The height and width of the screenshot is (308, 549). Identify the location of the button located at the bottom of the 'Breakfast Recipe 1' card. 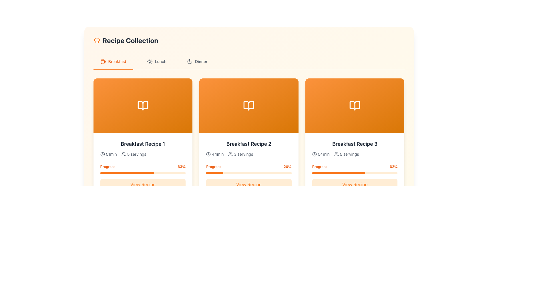
(143, 185).